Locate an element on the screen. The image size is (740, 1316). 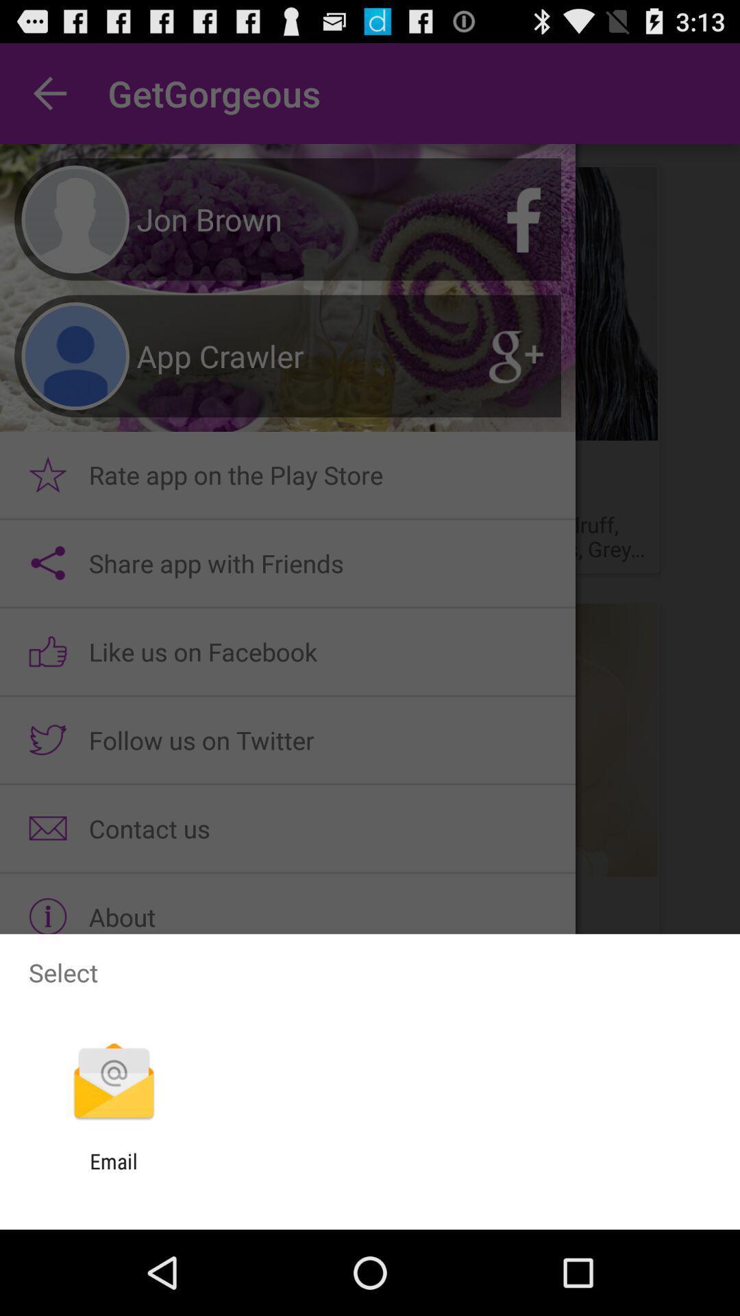
icon above email app is located at coordinates (113, 1082).